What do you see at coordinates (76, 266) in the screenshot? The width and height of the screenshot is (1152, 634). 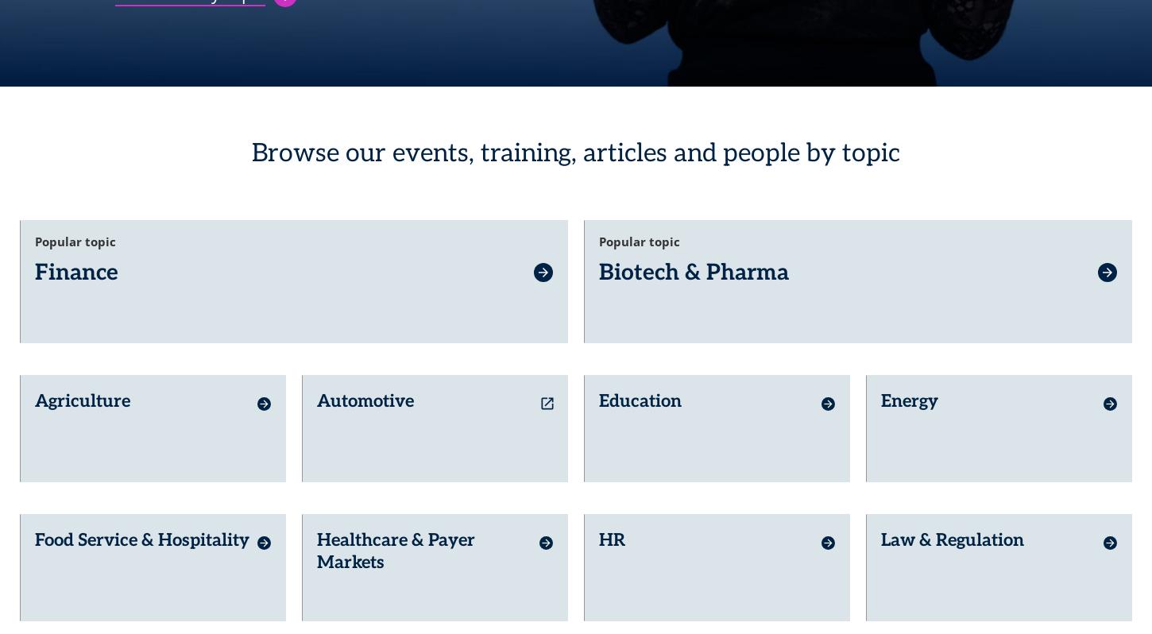 I see `'Finance'` at bounding box center [76, 266].